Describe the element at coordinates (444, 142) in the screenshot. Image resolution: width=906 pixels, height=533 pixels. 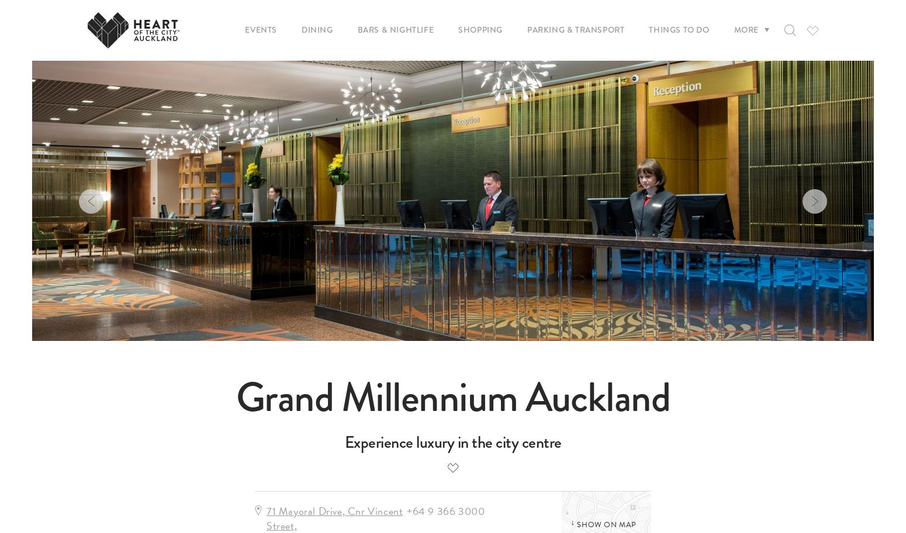
I see `'Add to favourites'` at that location.